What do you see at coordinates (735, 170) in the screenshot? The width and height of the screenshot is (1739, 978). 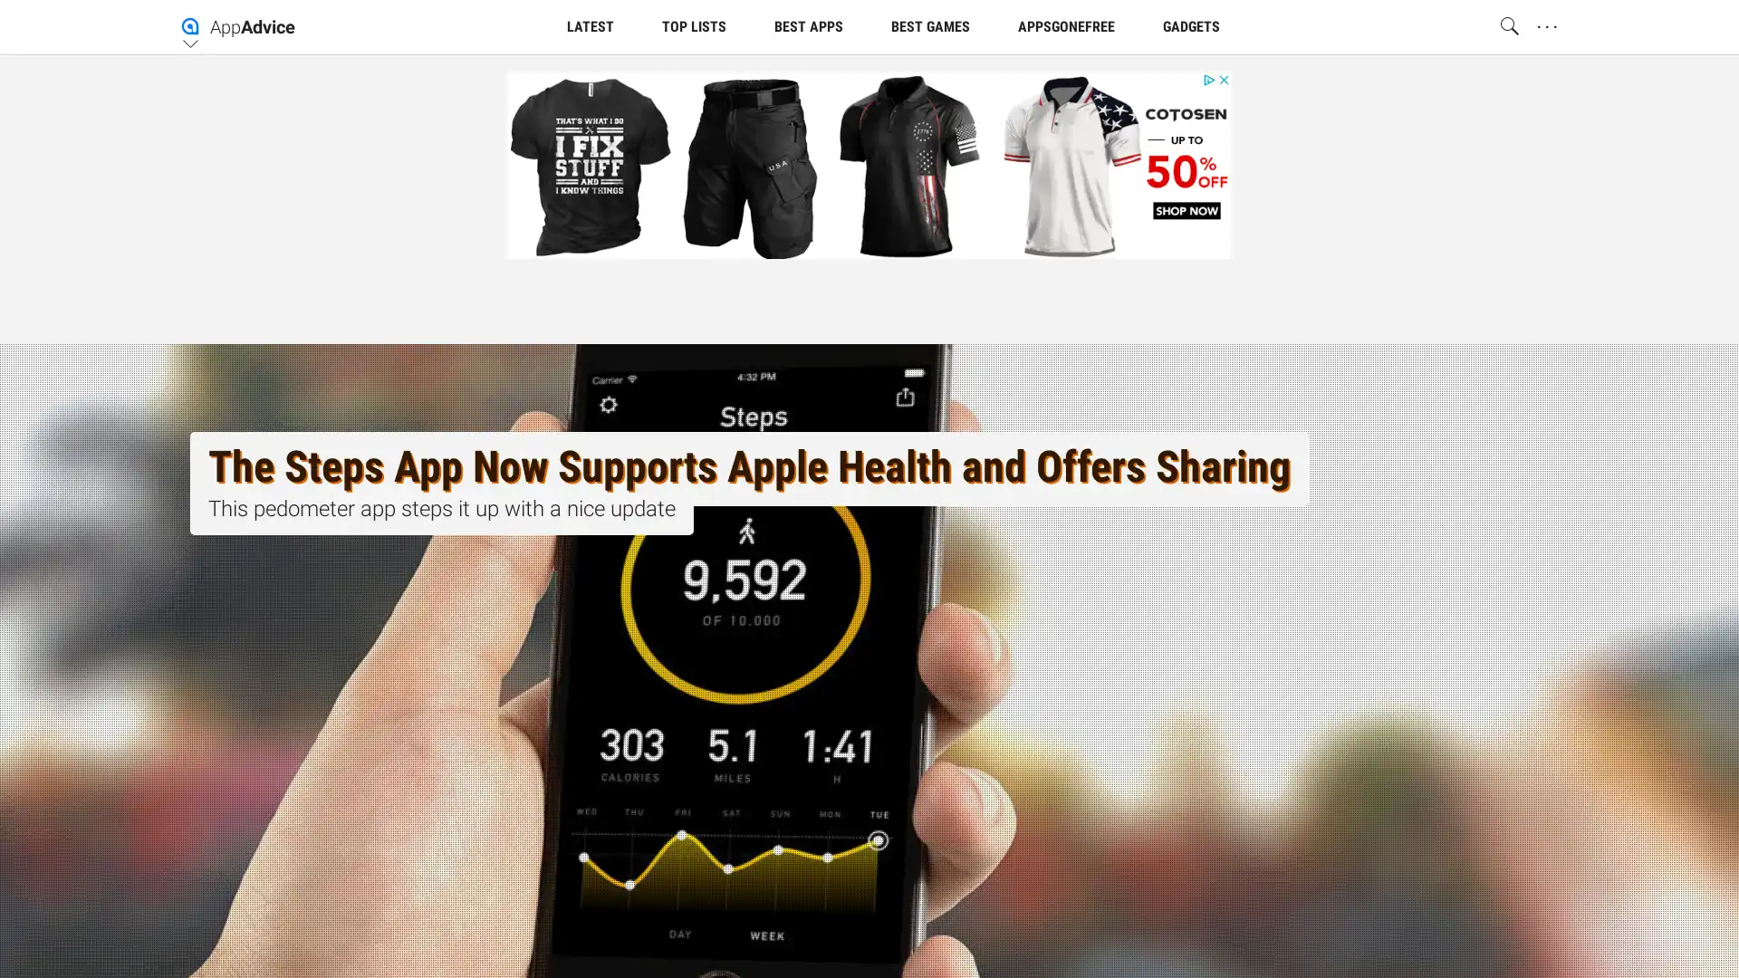 I see `Collections` at bounding box center [735, 170].